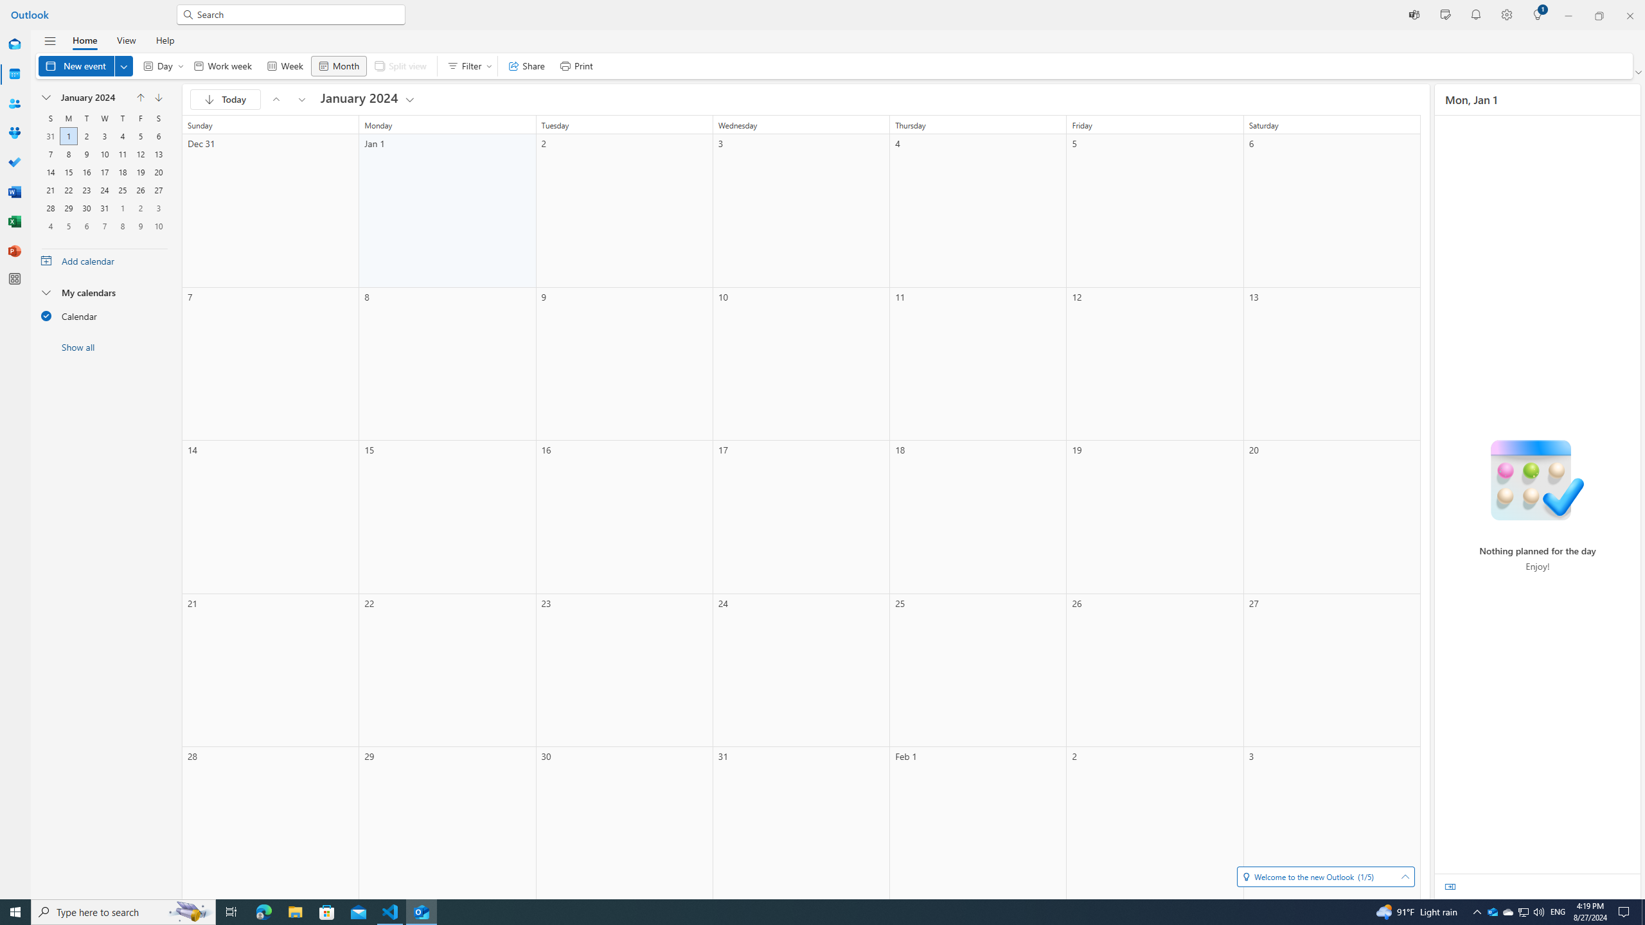 This screenshot has width=1645, height=925. What do you see at coordinates (422, 911) in the screenshot?
I see `'Outlook (new) - 1 running window'` at bounding box center [422, 911].